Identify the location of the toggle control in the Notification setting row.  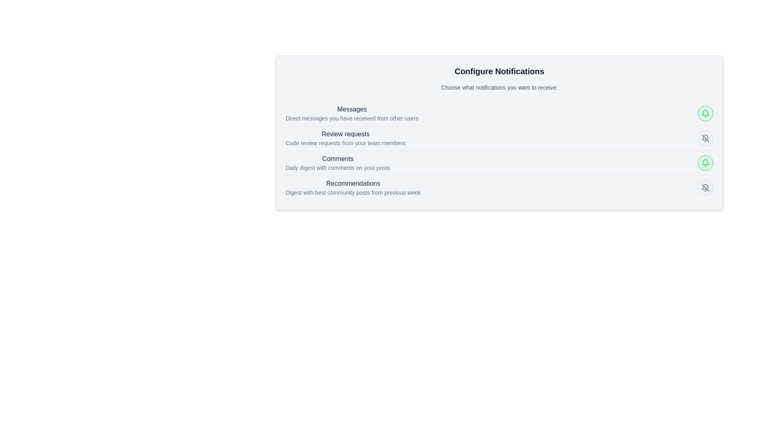
(499, 163).